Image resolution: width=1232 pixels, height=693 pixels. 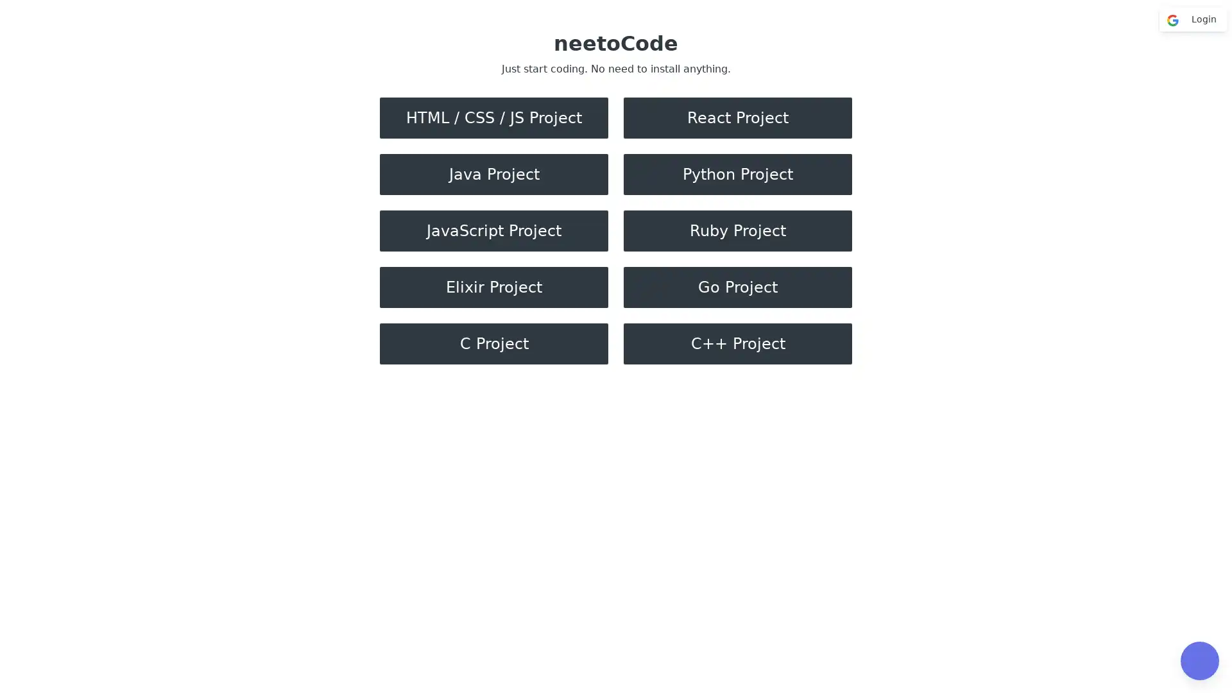 What do you see at coordinates (493, 175) in the screenshot?
I see `Java Project` at bounding box center [493, 175].